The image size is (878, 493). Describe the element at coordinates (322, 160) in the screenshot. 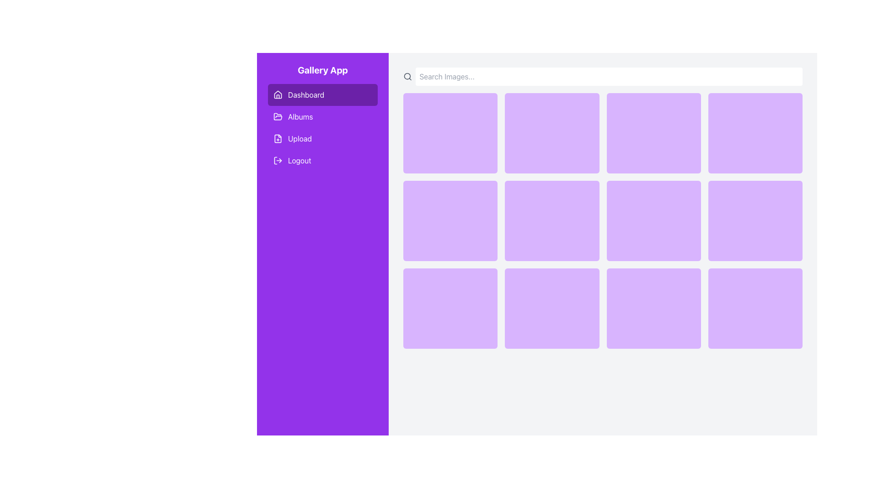

I see `the 'Logout' button with a bright purple background located in the left sidebar, which is the fourth interactive item in the menu, to log out` at that location.